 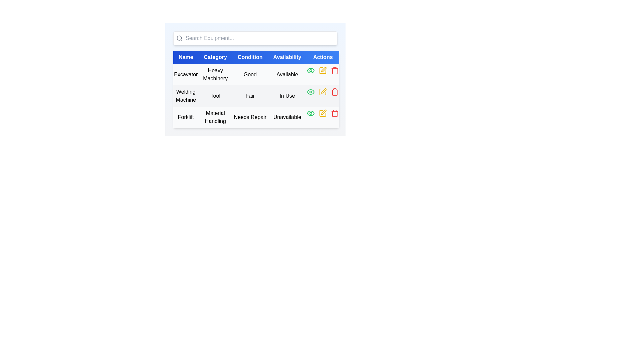 I want to click on the static text element displaying 'Material Handling' in the 'Category' column for the item 'Forklift', which is the second cell in the corresponding row, so click(x=215, y=117).